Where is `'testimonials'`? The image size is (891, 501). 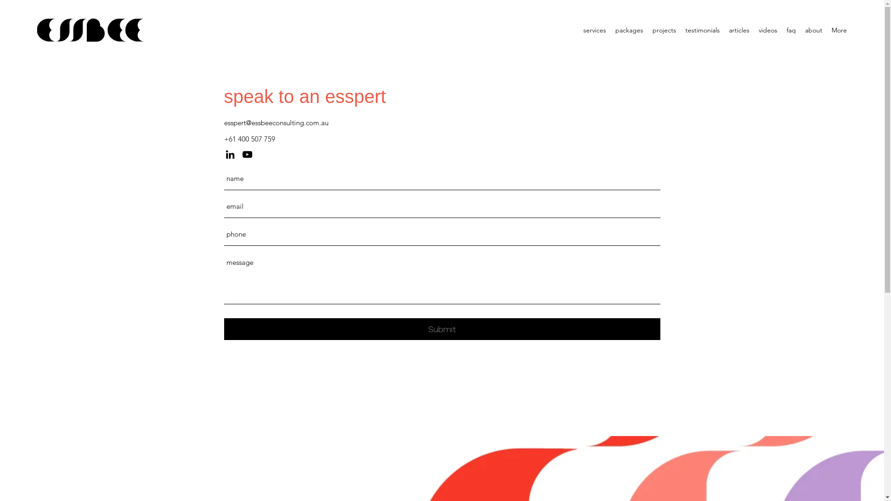
'testimonials' is located at coordinates (702, 30).